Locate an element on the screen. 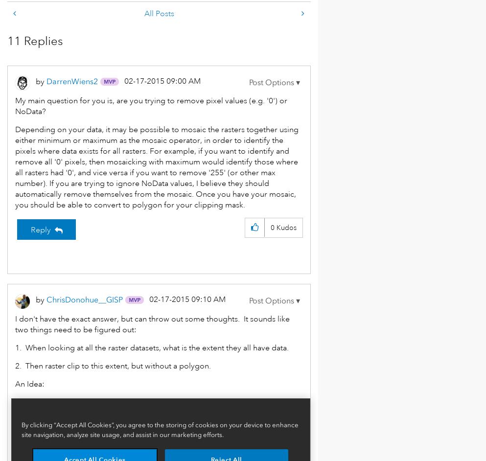 The image size is (486, 461). 'ChrisDonohue__G' is located at coordinates (78, 299).